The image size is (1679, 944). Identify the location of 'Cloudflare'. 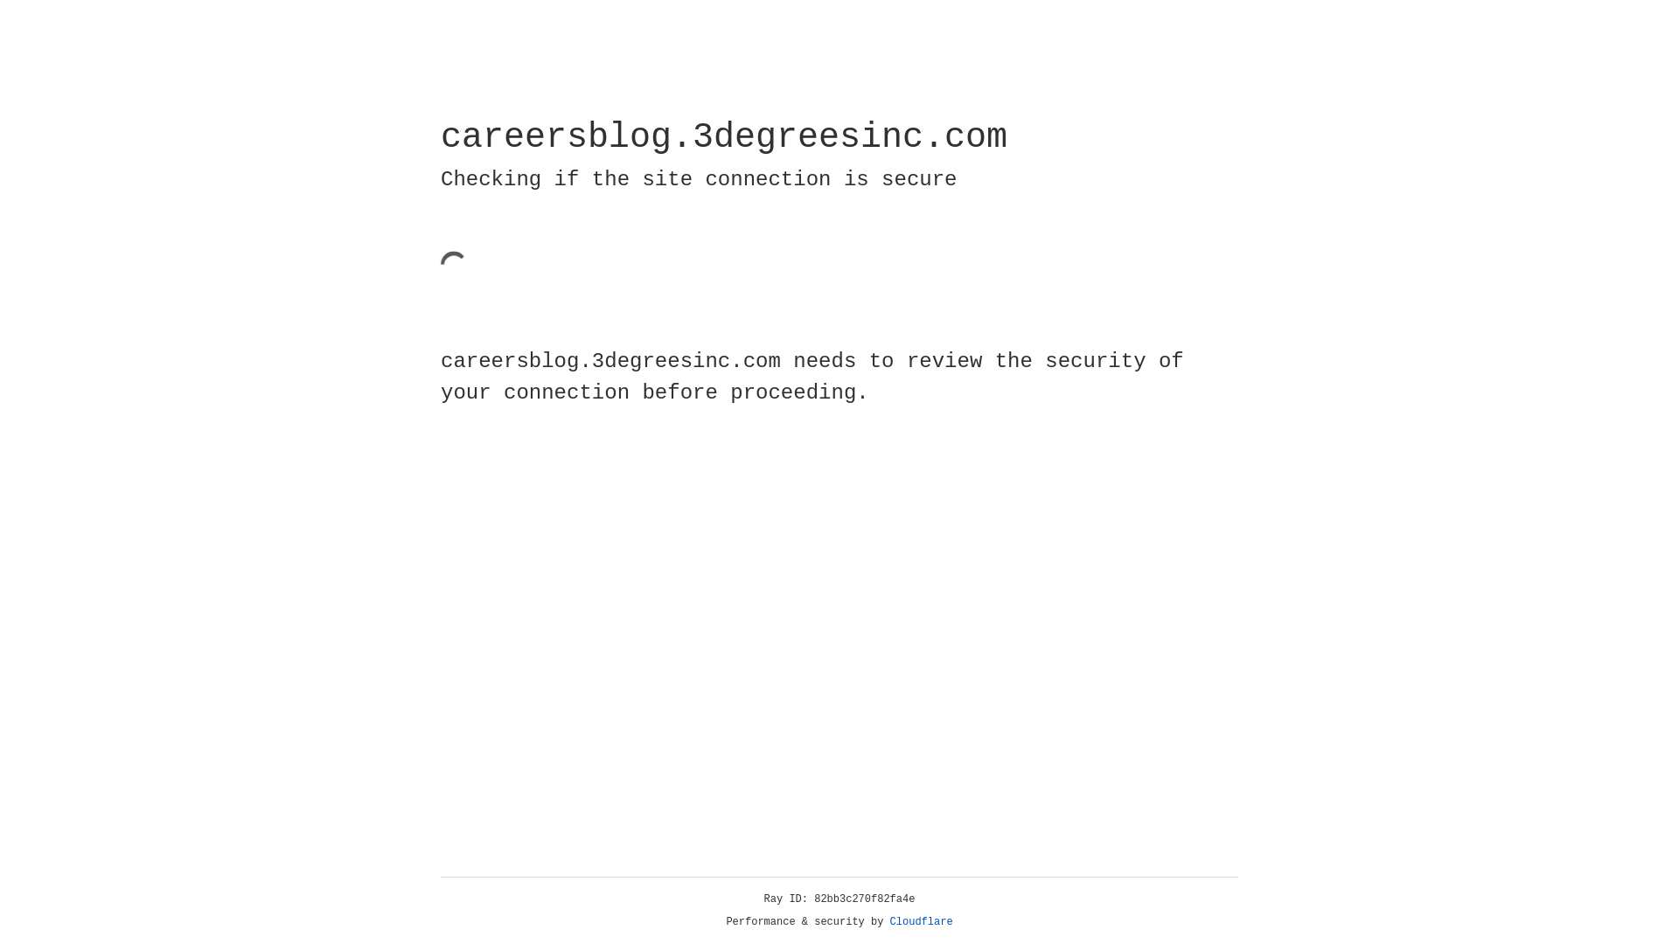
(921, 921).